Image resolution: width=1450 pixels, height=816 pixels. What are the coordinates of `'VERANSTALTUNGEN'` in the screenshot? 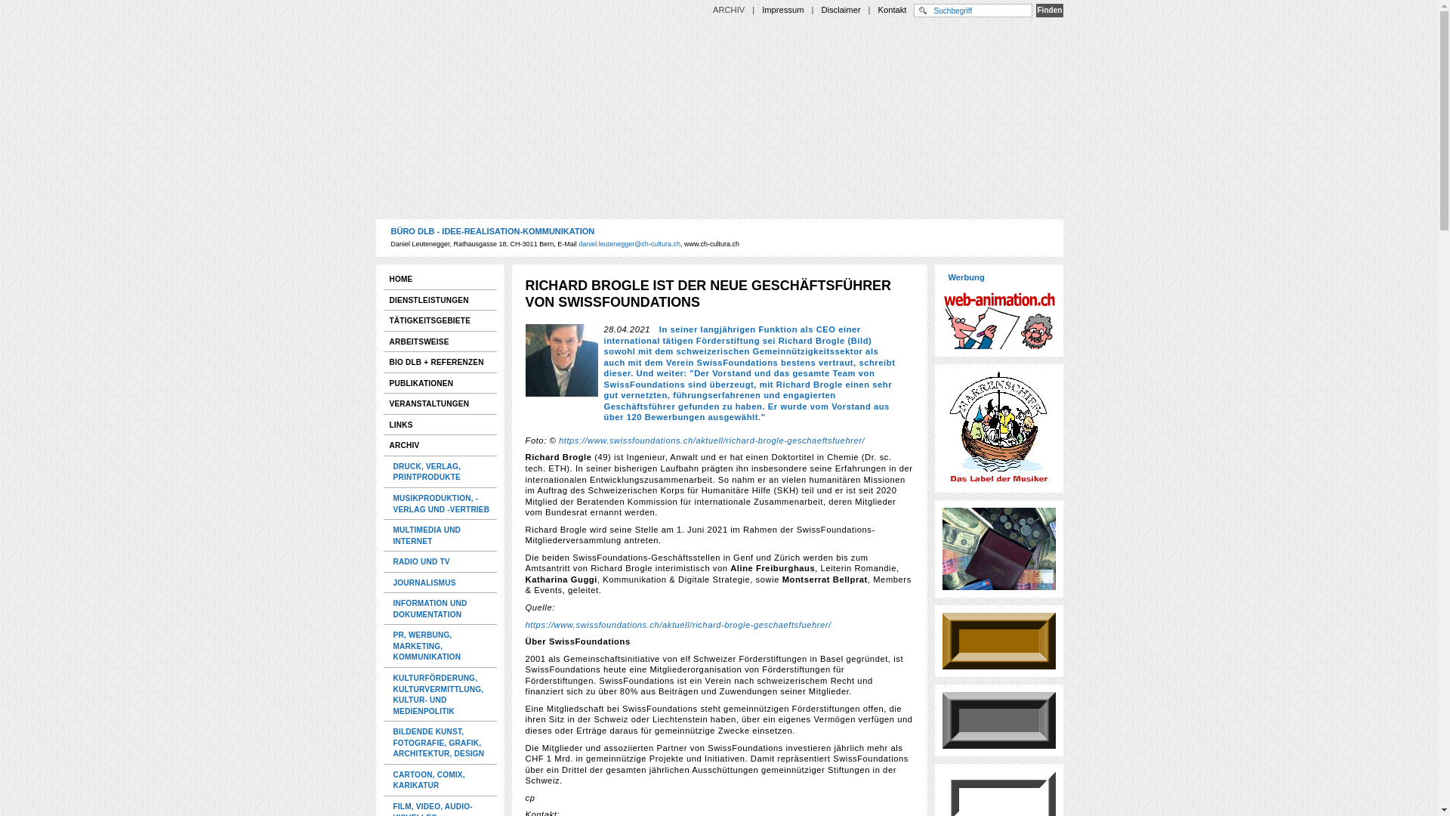 It's located at (384, 403).